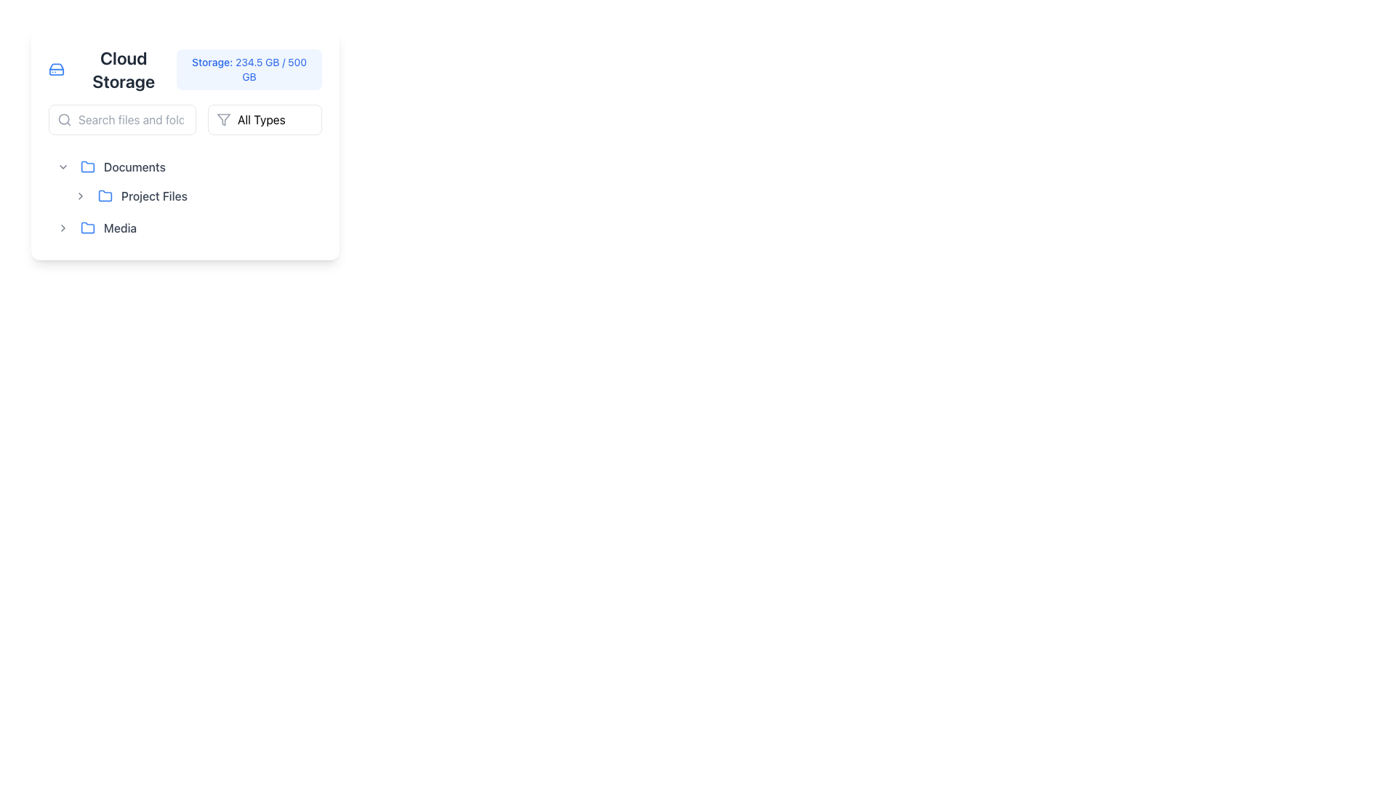  What do you see at coordinates (79, 196) in the screenshot?
I see `the chevron icon indicating the expansion or collapse of nested content, located to the left of the 'Project Files' label` at bounding box center [79, 196].